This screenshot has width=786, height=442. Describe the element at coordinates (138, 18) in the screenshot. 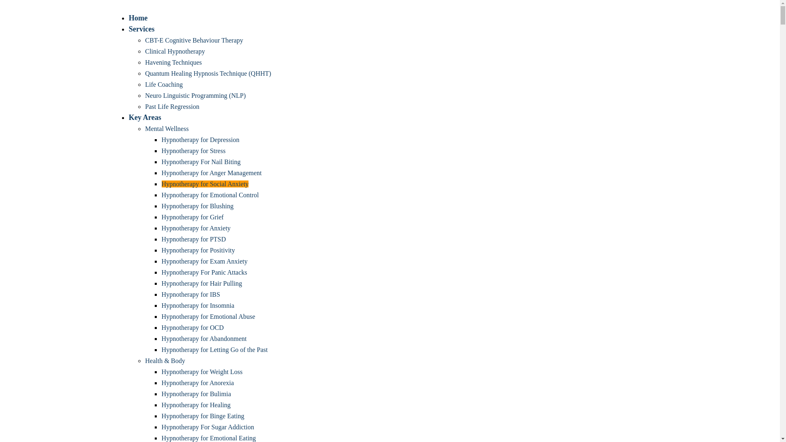

I see `'Home'` at that location.